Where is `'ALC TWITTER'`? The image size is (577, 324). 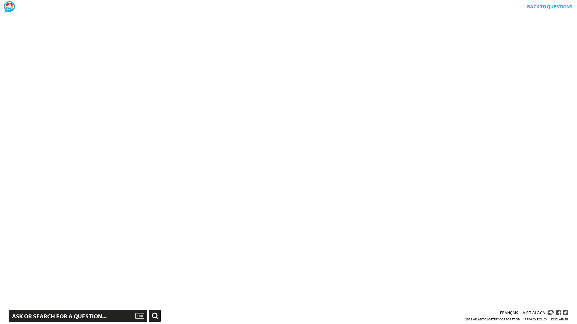
'ALC TWITTER' is located at coordinates (565, 312).